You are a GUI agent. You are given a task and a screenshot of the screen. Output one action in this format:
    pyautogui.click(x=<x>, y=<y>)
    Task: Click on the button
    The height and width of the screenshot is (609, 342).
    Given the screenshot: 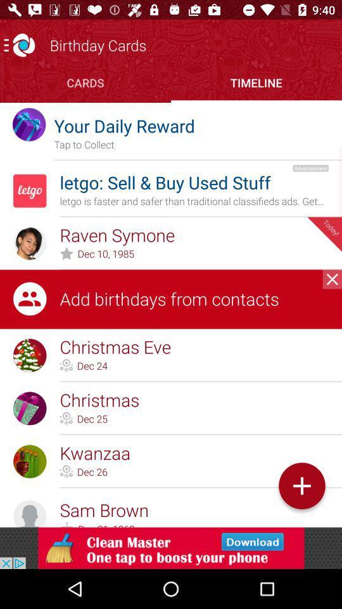 What is the action you would take?
    pyautogui.click(x=301, y=485)
    